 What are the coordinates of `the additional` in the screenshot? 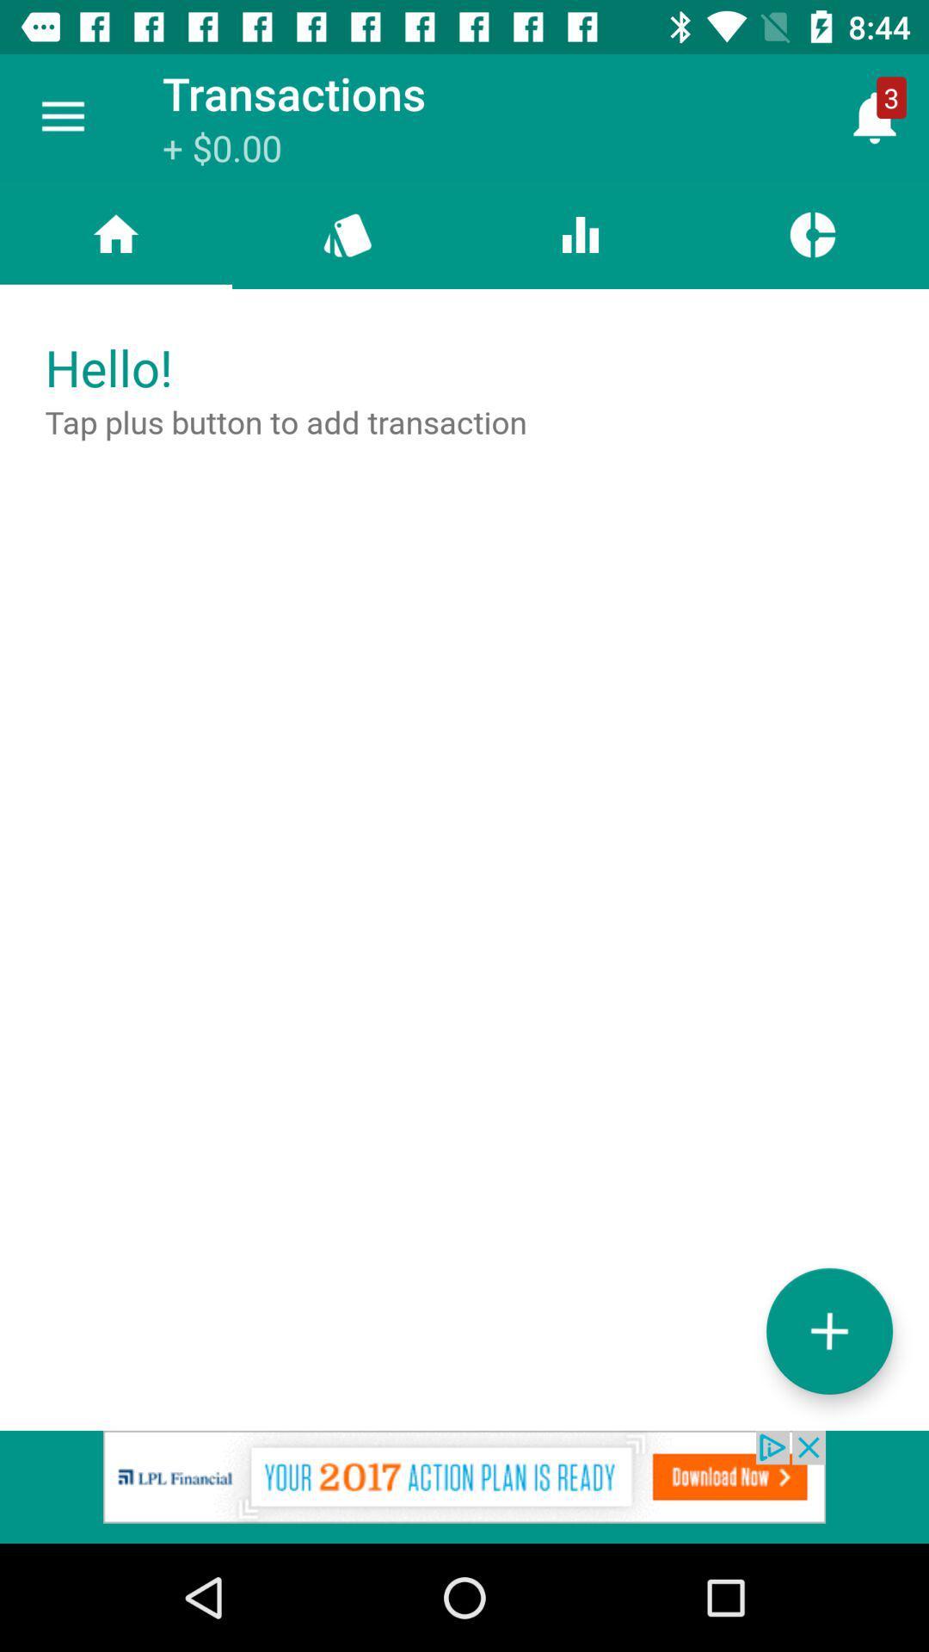 It's located at (828, 1330).